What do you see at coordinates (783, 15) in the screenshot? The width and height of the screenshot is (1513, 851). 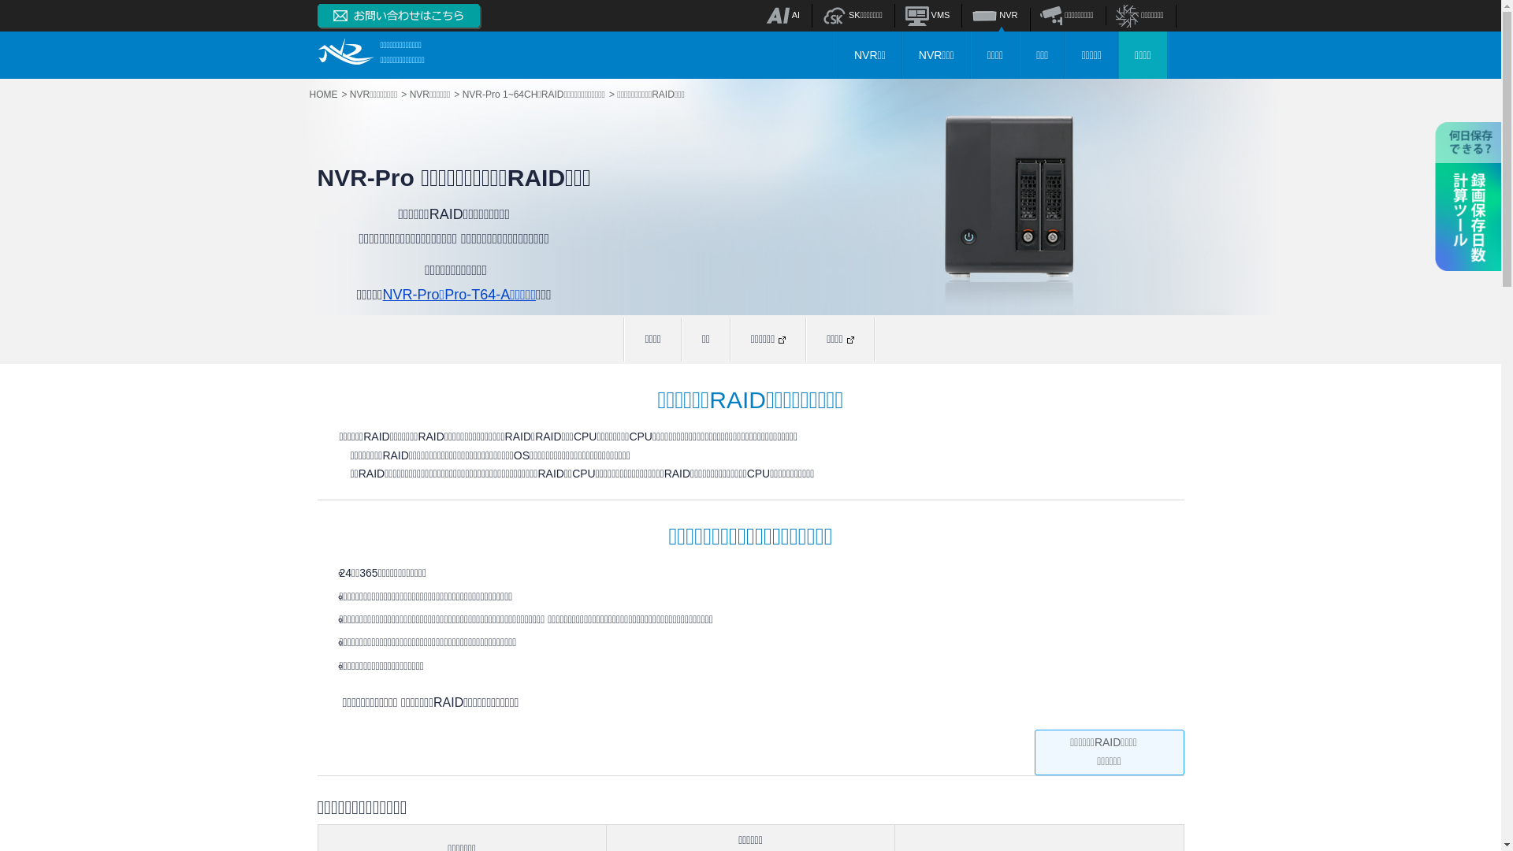 I see `'AI'` at bounding box center [783, 15].